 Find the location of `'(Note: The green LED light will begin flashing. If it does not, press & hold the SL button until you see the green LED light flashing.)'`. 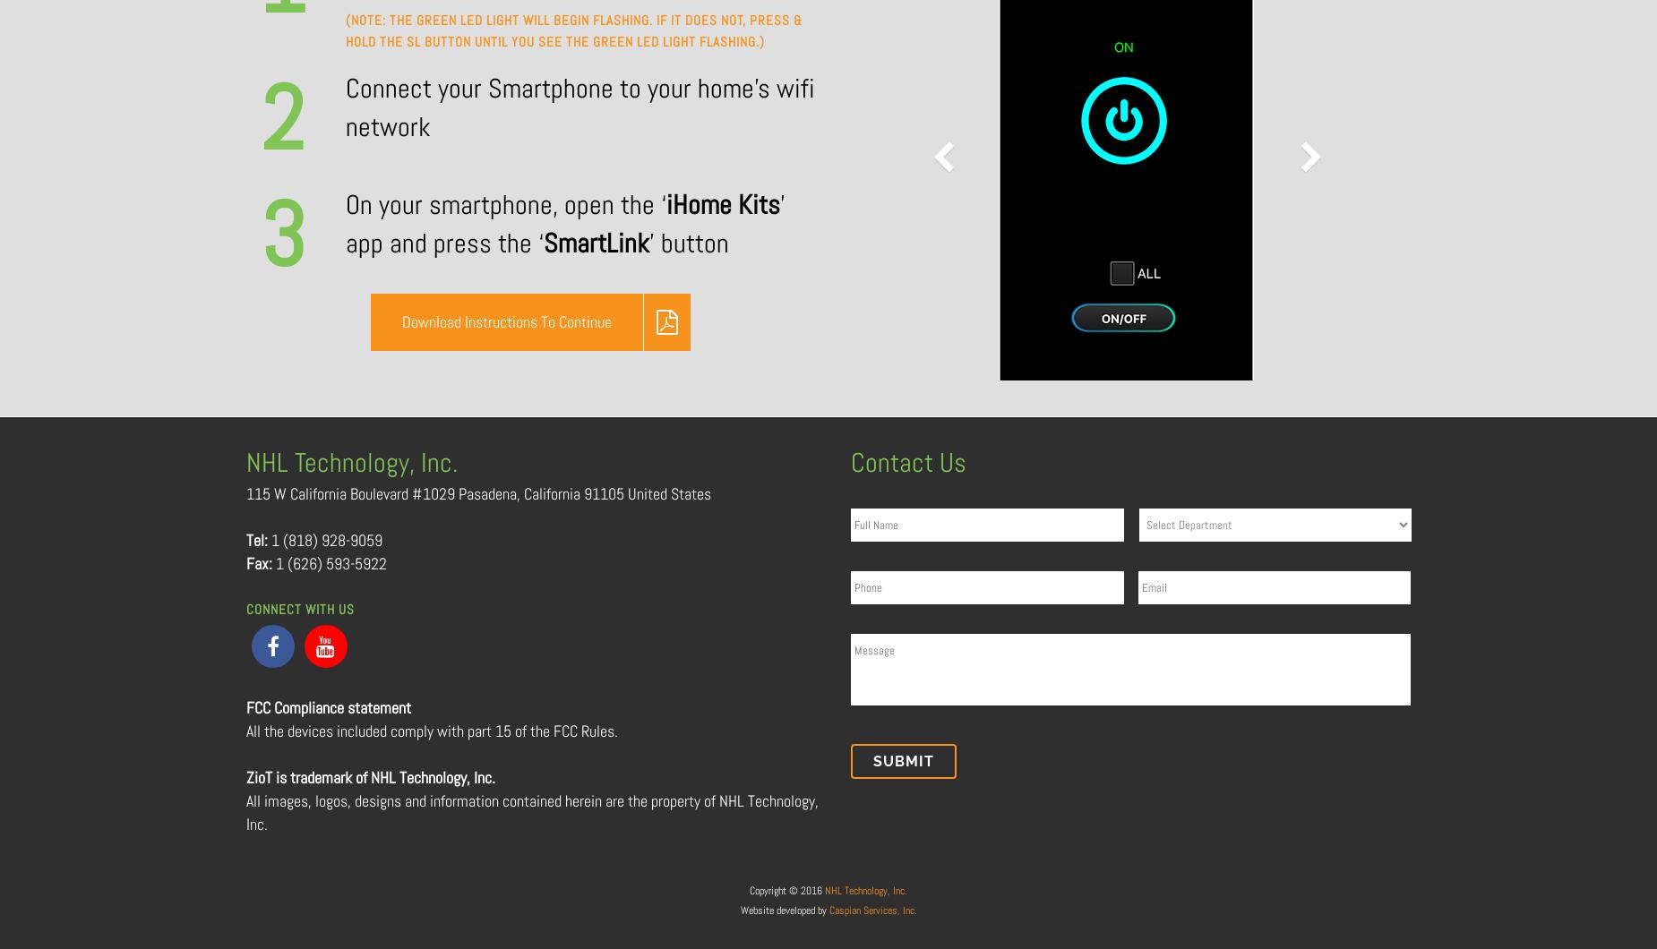

'(Note: The green LED light will begin flashing. If it does not, press & hold the SL button until you see the green LED light flashing.)' is located at coordinates (572, 30).